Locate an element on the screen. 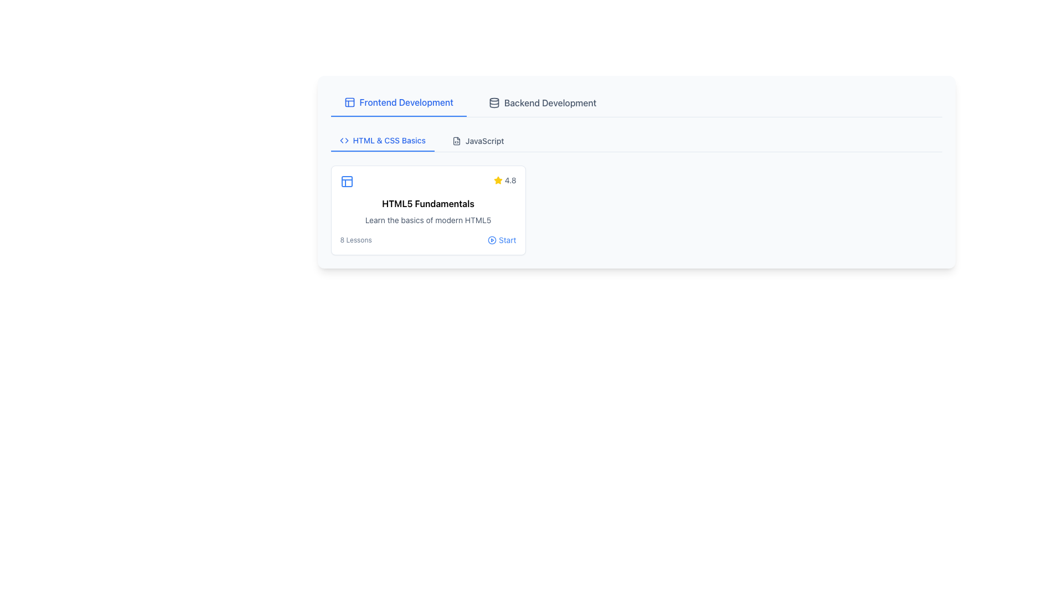 The image size is (1063, 598). the JavaScript navigation button, which is the second item in a row of two options under the 'Frontend Development' tab, to change its text color is located at coordinates (478, 140).